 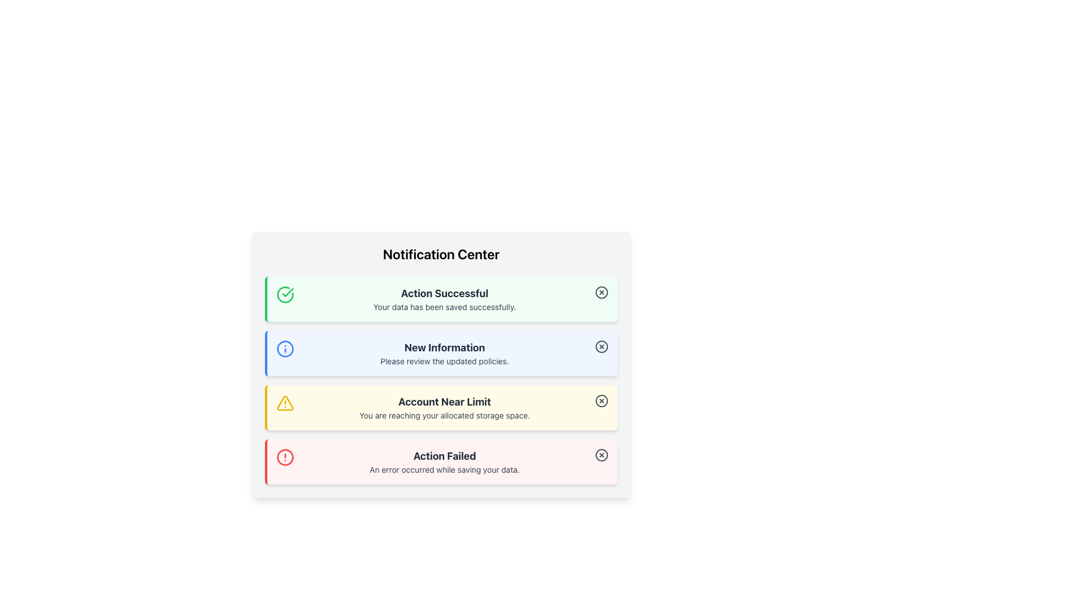 I want to click on the Notification card that informs users of an error during data saving, located in the fourth slot of the notification list, to potentially see a tooltip or further description, so click(x=444, y=461).